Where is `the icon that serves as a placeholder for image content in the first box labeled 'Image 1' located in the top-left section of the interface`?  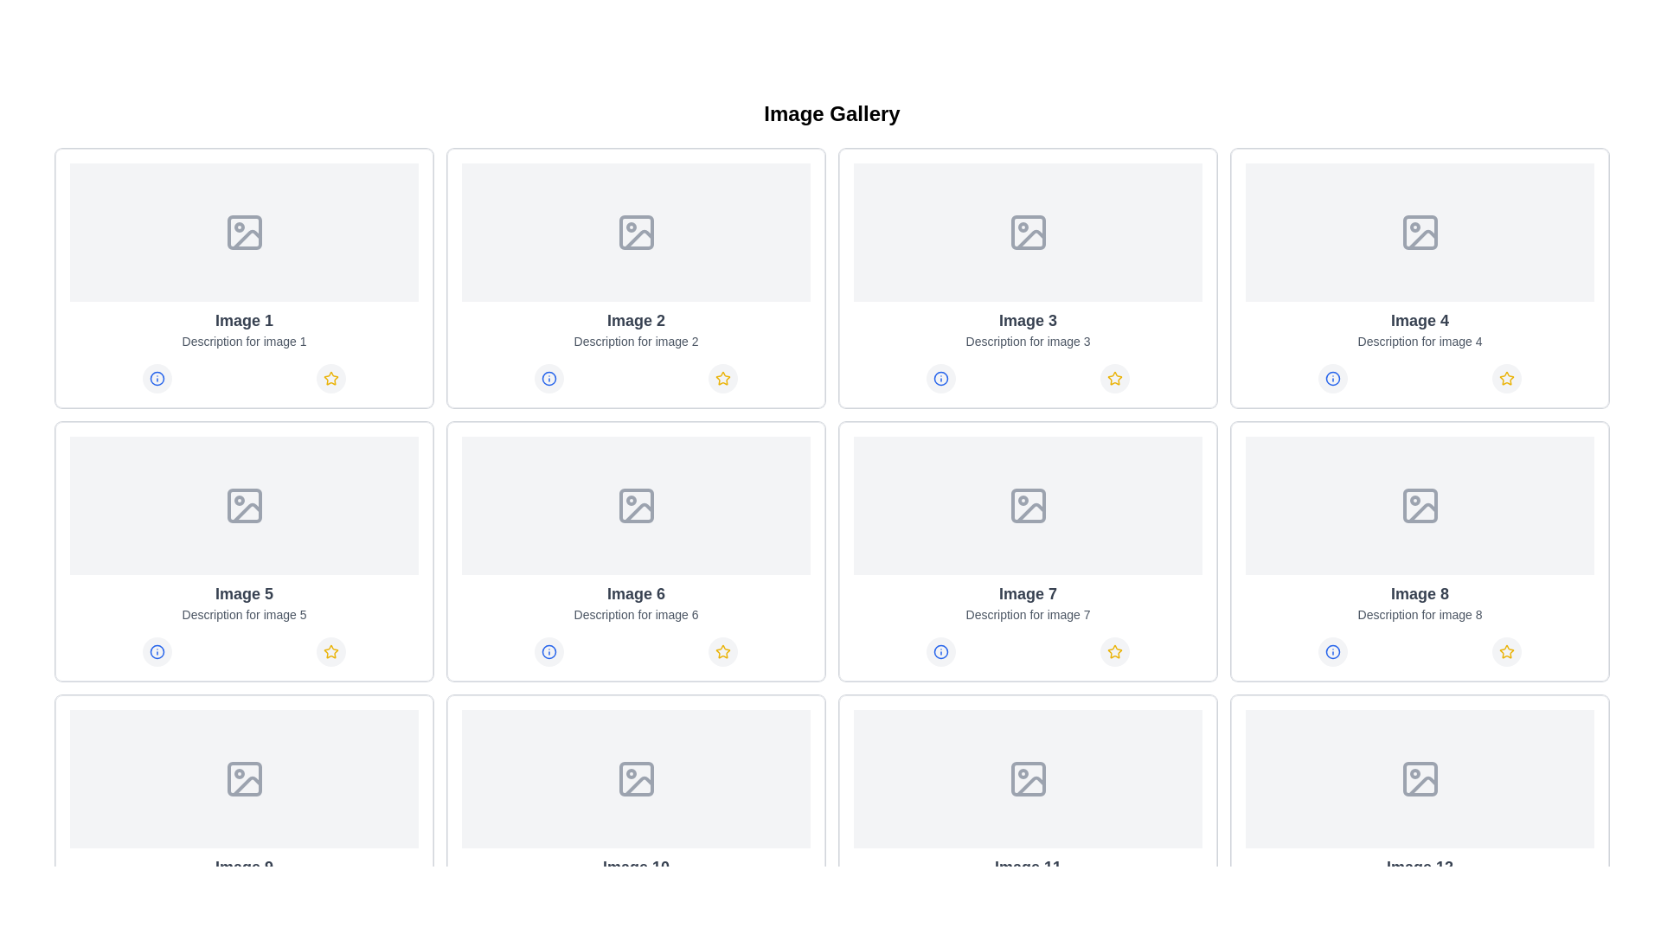
the icon that serves as a placeholder for image content in the first box labeled 'Image 1' located in the top-left section of the interface is located at coordinates (243, 232).